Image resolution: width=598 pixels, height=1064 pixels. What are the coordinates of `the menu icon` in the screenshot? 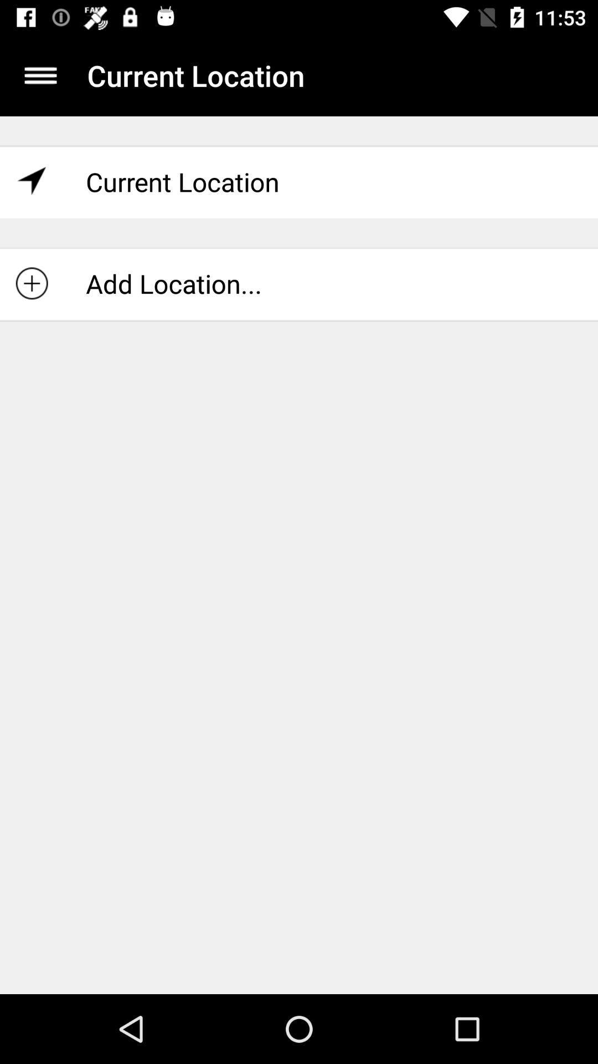 It's located at (40, 75).